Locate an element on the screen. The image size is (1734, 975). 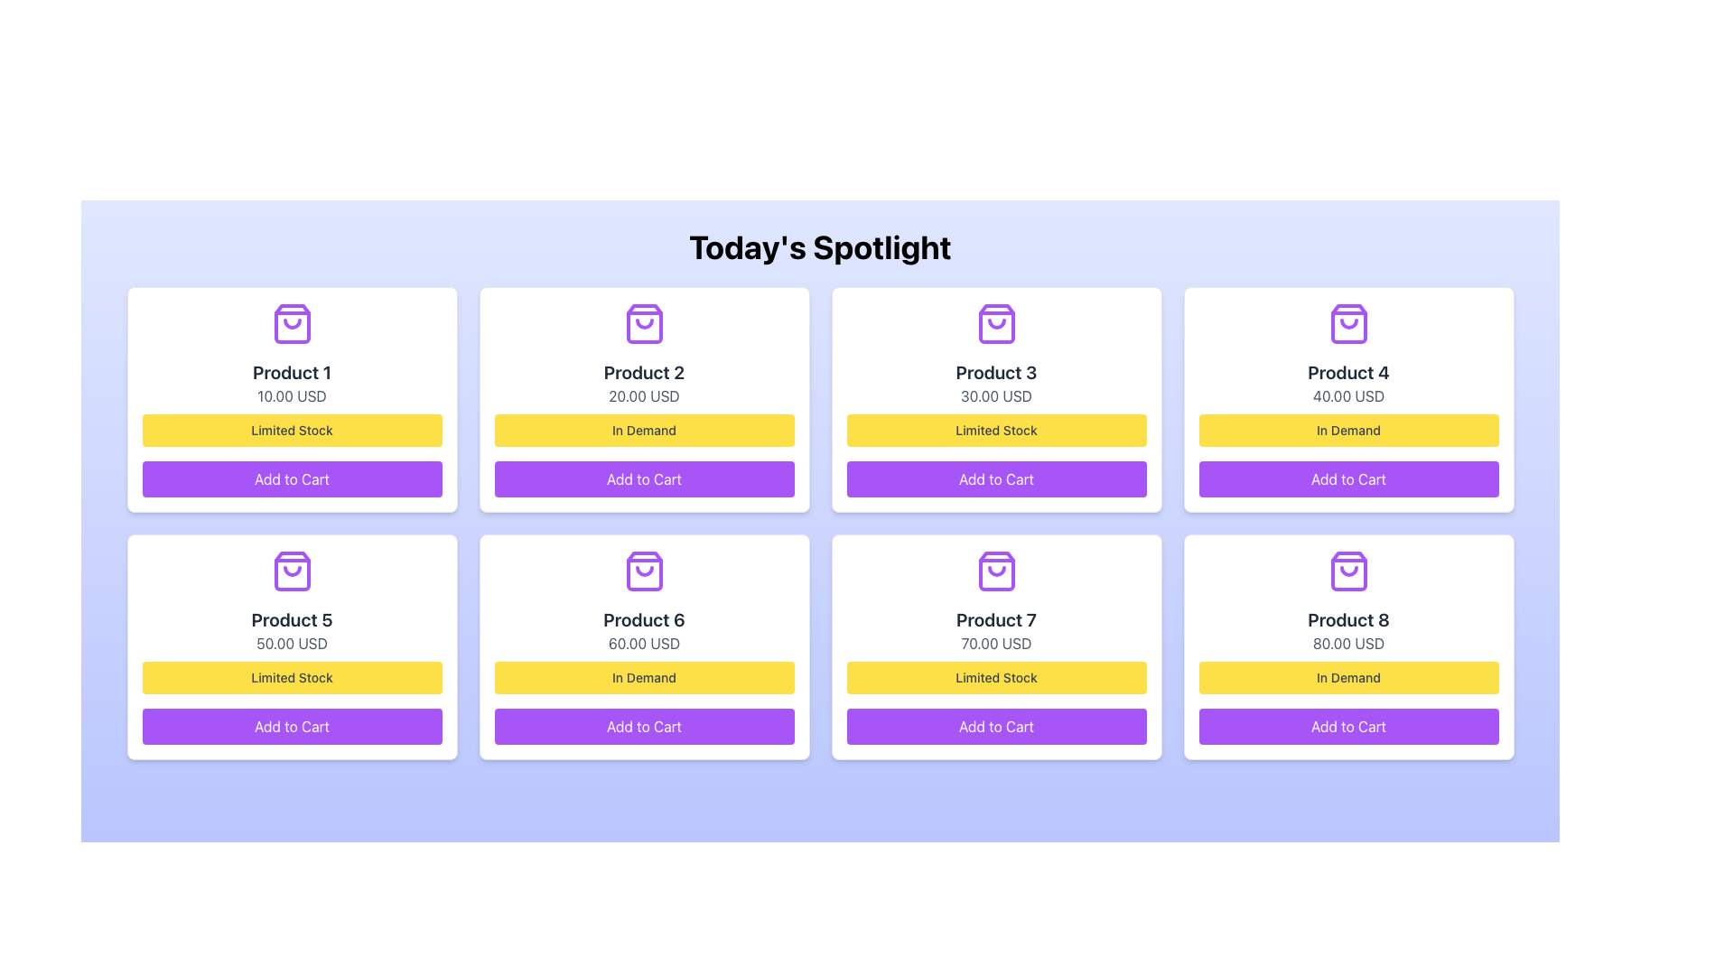
the 'Add to Cart' button located at the bottom of the second product card in the grid layout is located at coordinates (644, 478).